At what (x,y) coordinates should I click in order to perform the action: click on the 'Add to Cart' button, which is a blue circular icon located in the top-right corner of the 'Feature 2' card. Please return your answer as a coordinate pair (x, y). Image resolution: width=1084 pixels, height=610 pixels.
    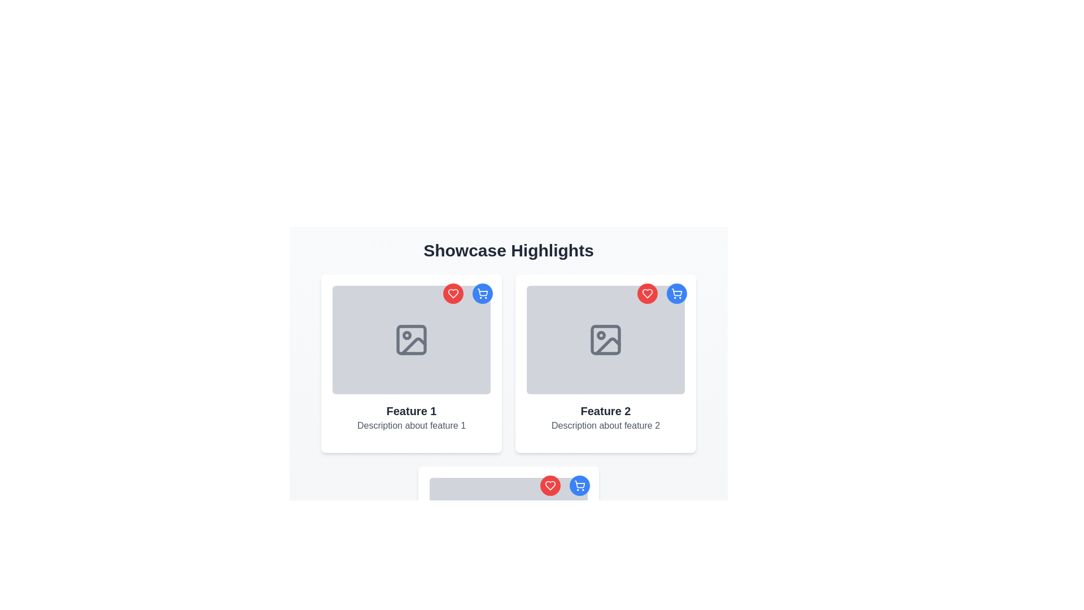
    Looking at the image, I should click on (580, 485).